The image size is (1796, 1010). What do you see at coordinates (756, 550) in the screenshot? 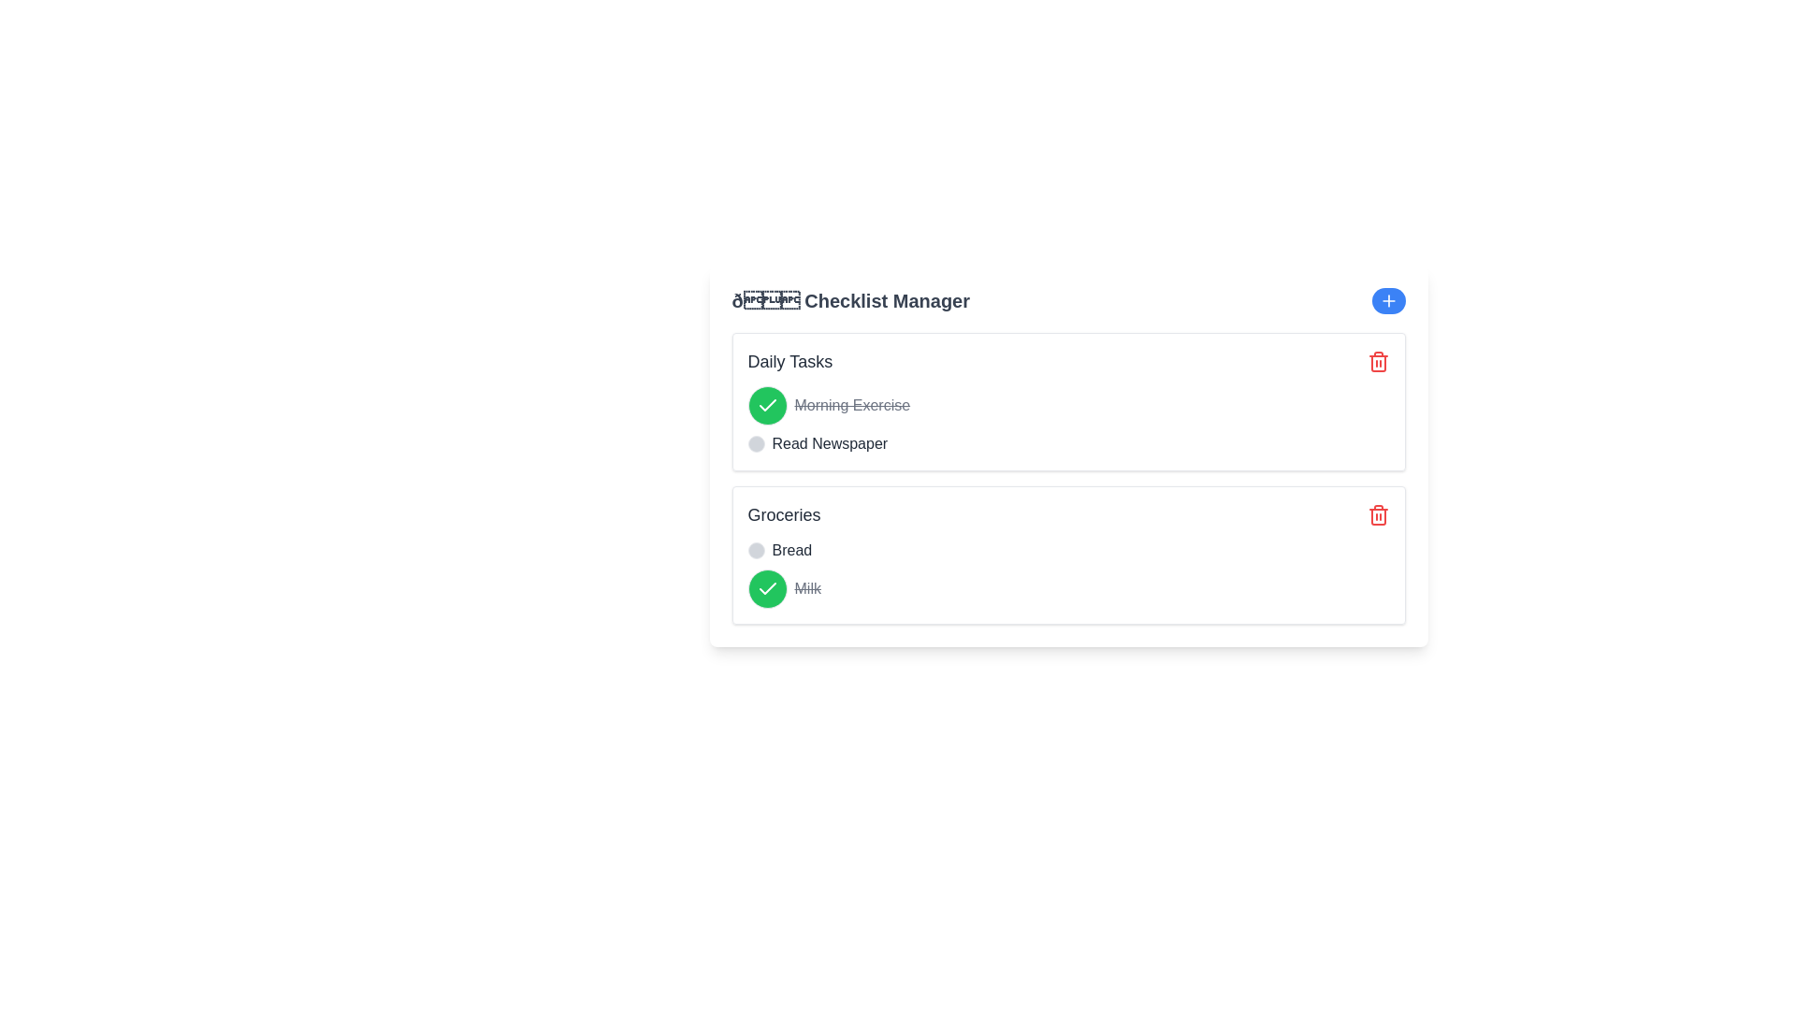
I see `the circular toggle button with a light gray background located to the left of the 'Bread' text` at bounding box center [756, 550].